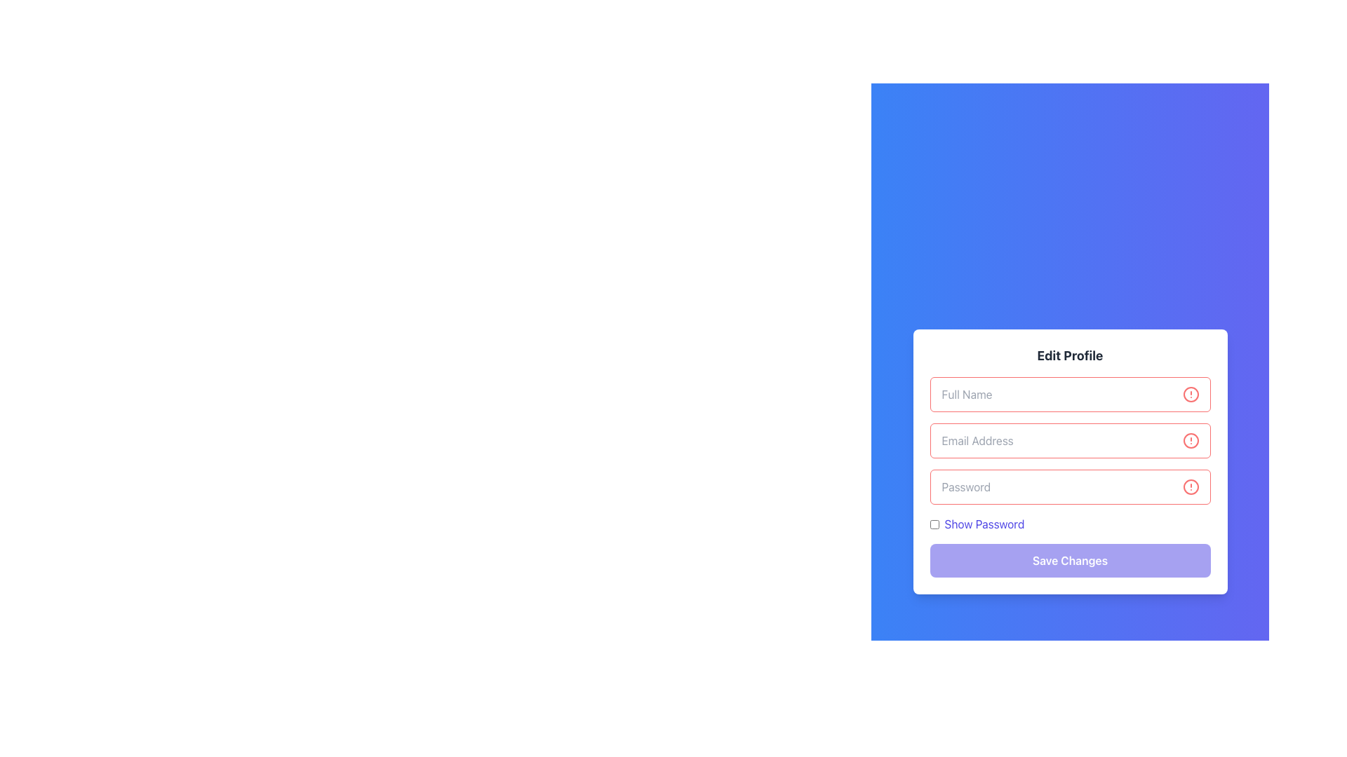 This screenshot has height=757, width=1347. I want to click on the 'Show Password' label, so click(984, 524).